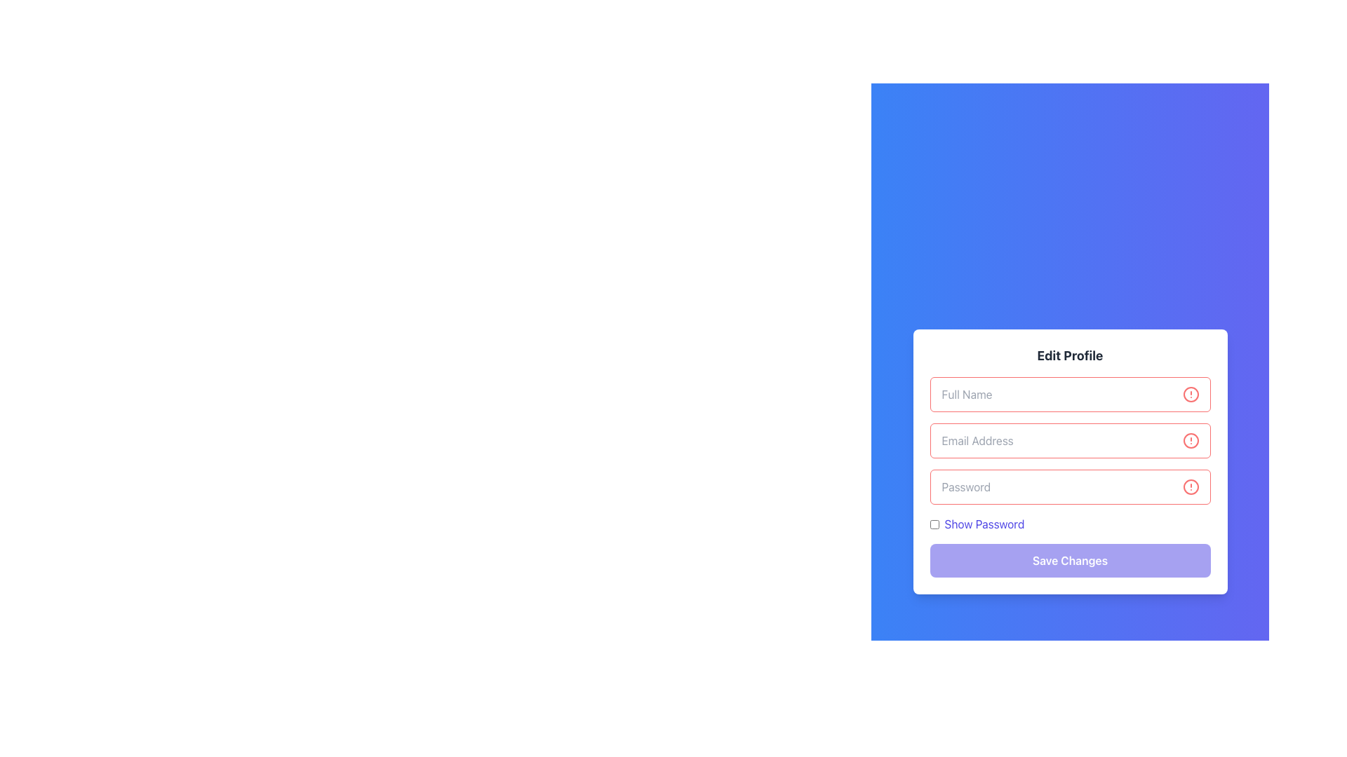 This screenshot has height=757, width=1347. I want to click on the 'Show Password' label, so click(984, 524).